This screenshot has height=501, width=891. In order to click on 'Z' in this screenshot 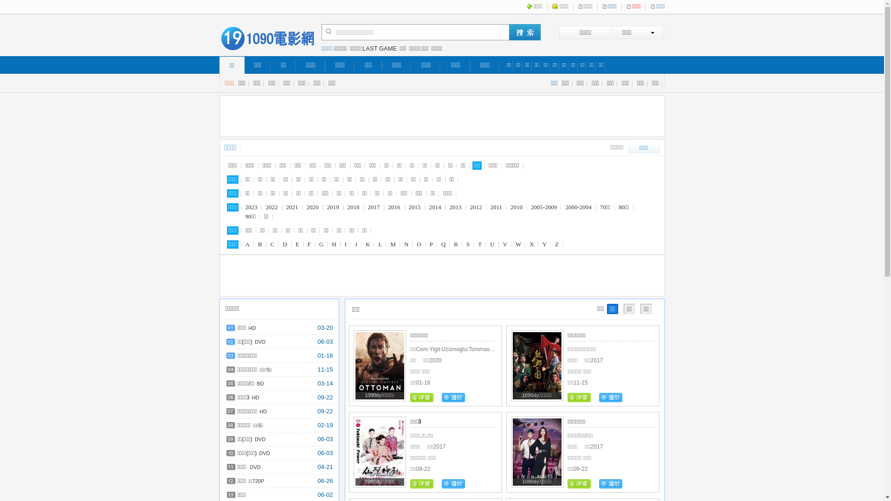, I will do `click(557, 244)`.